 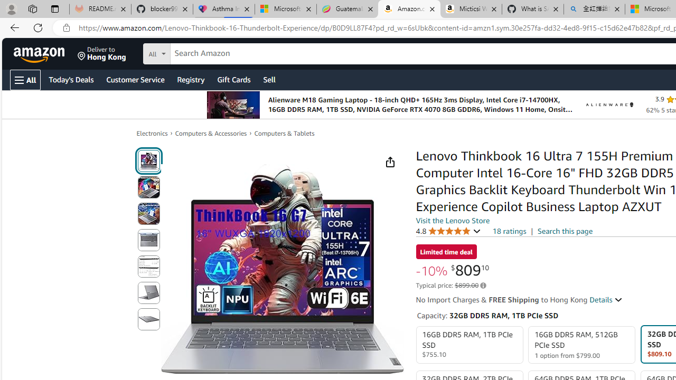 I want to click on 'Today', so click(x=70, y=79).